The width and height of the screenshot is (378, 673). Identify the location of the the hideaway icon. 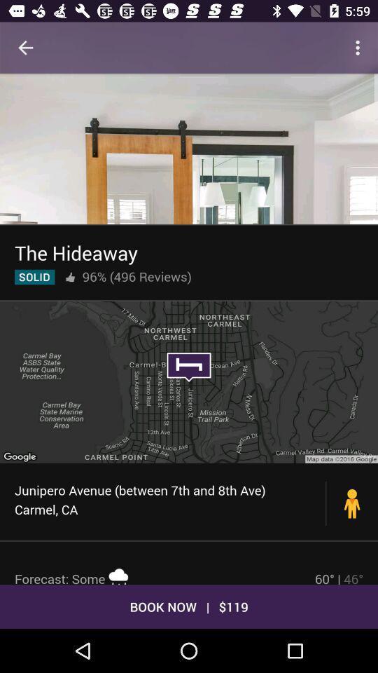
(76, 252).